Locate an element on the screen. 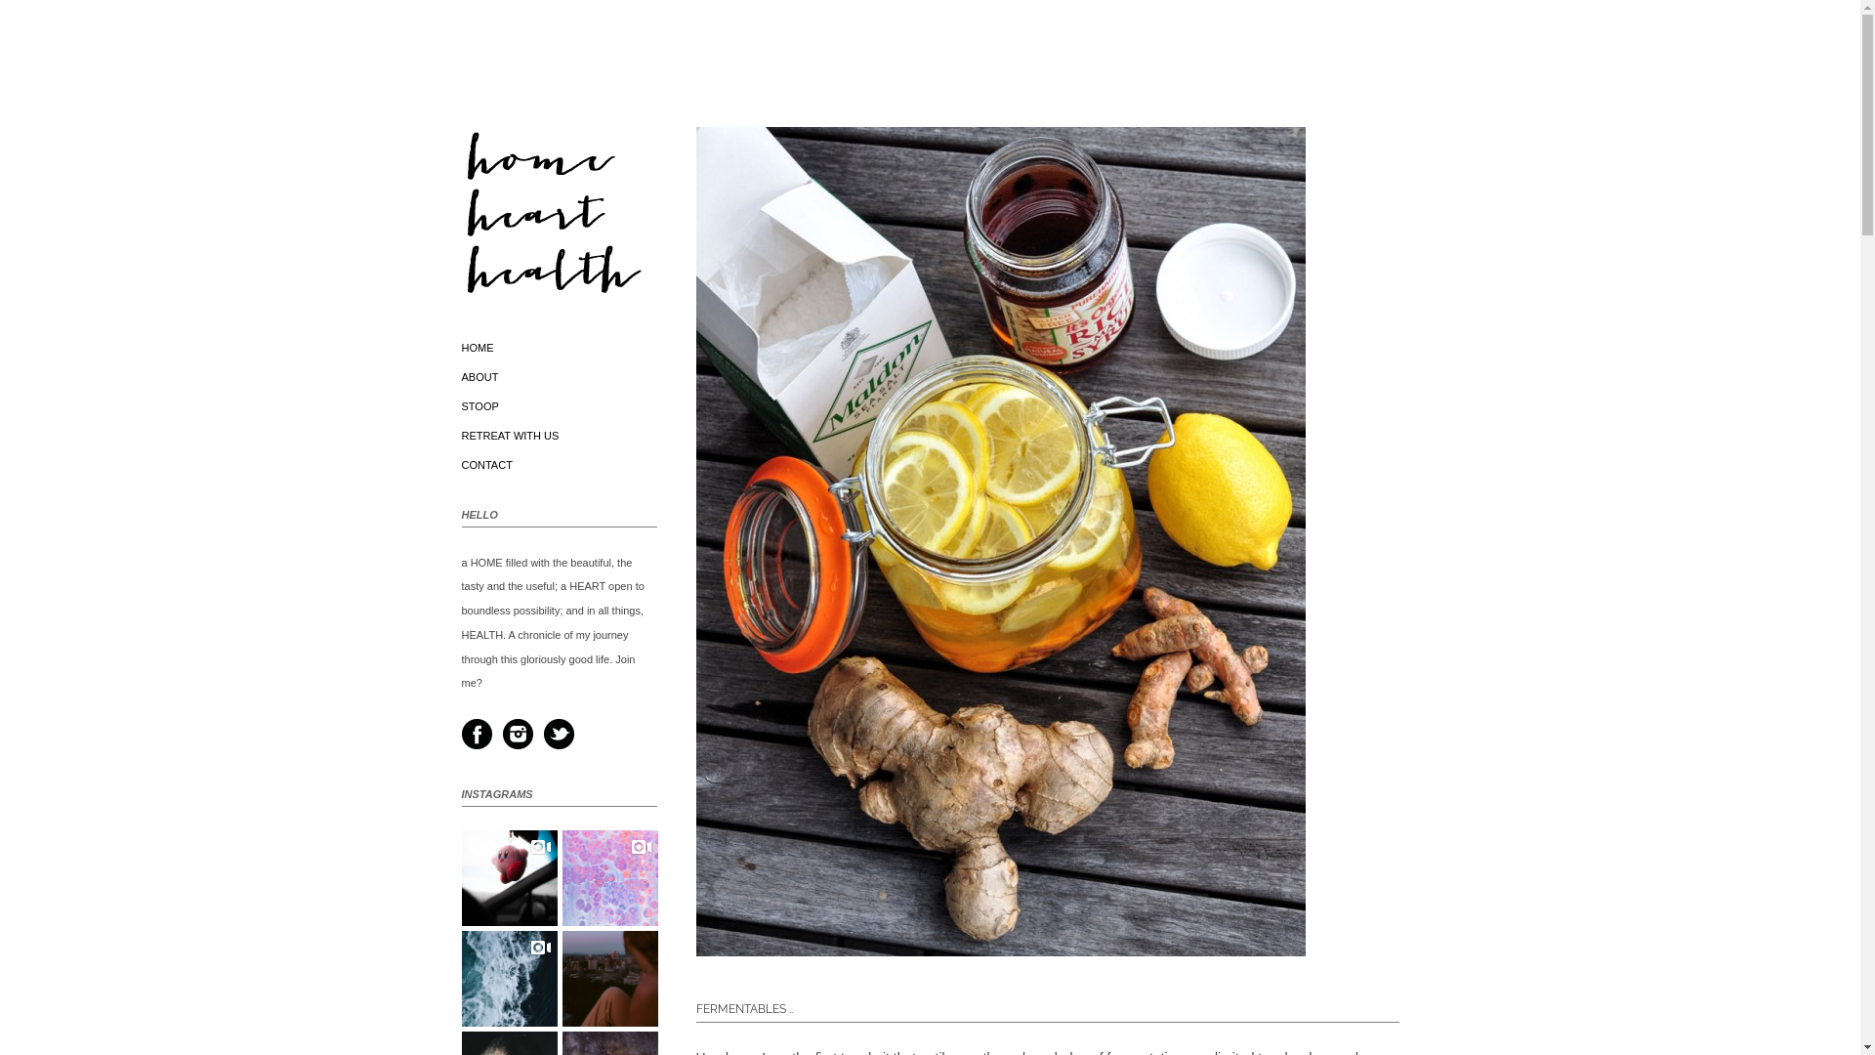 This screenshot has height=1055, width=1875. 'STOOP' is located at coordinates (479, 405).